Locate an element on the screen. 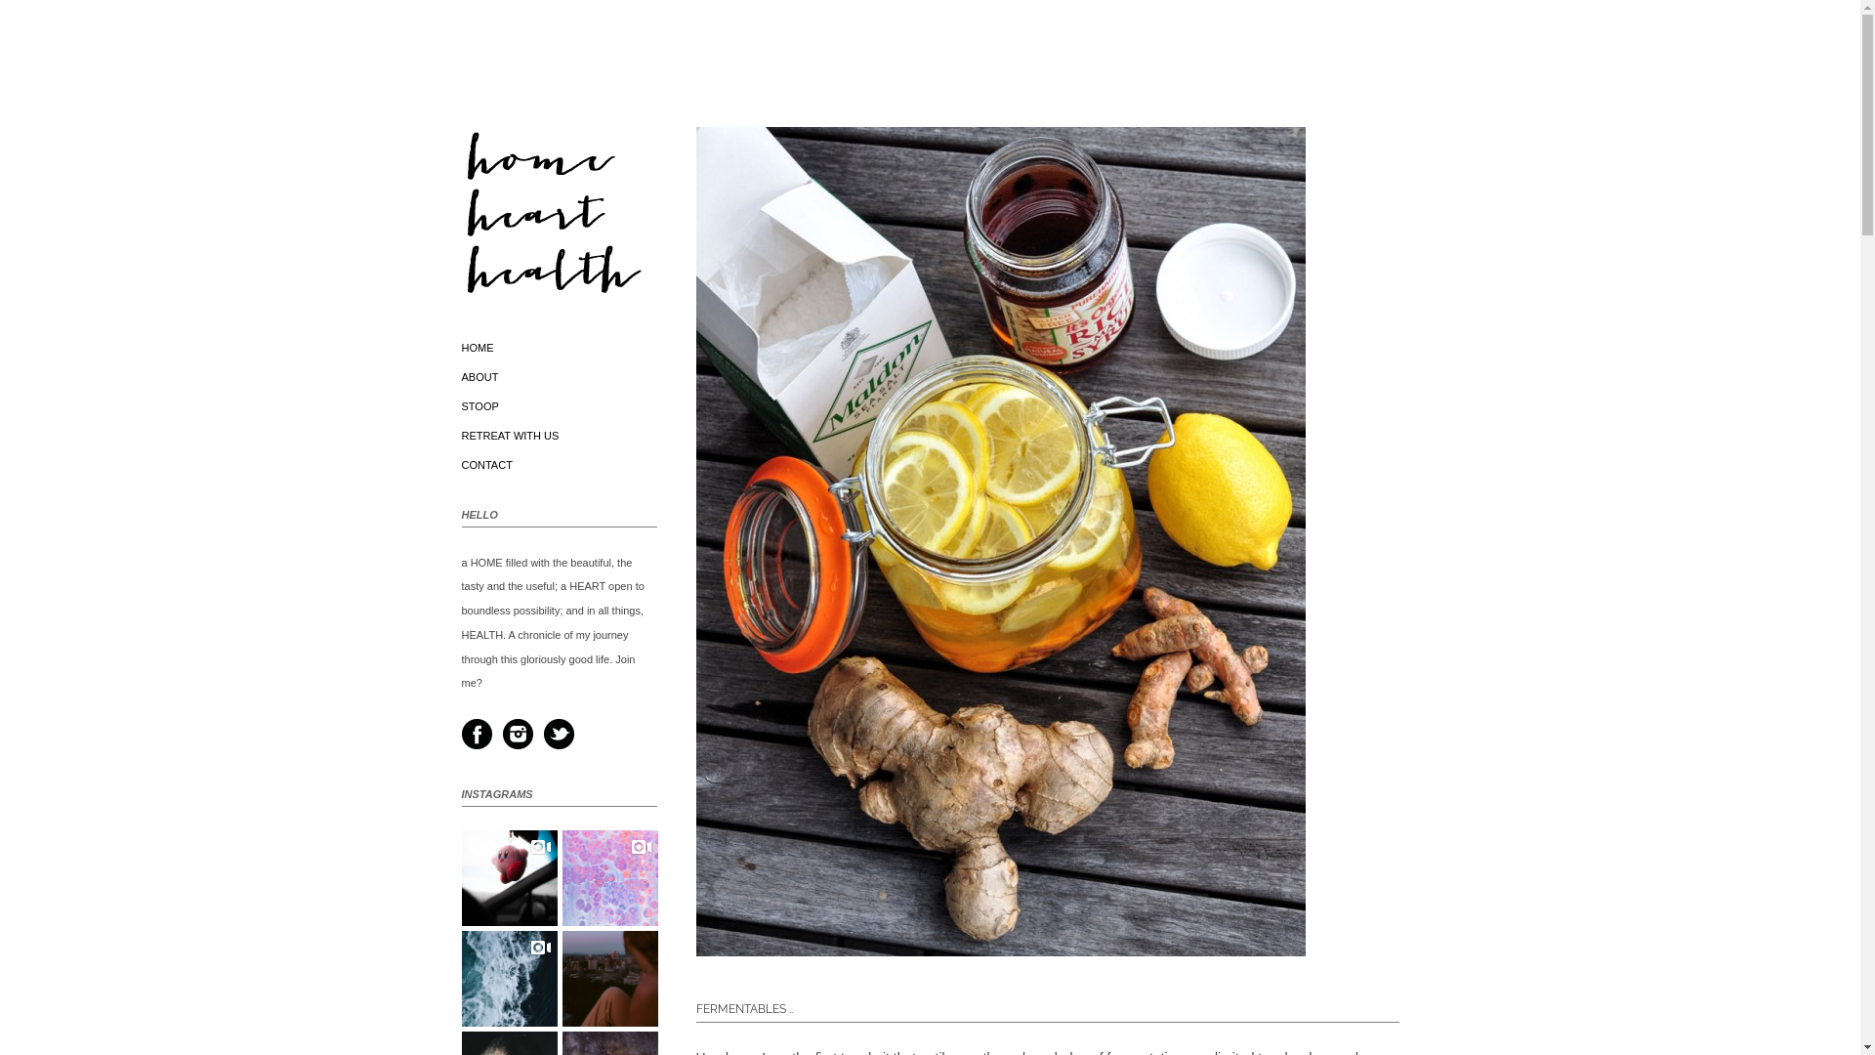 This screenshot has height=1055, width=1875. 'STOOP' is located at coordinates (479, 405).